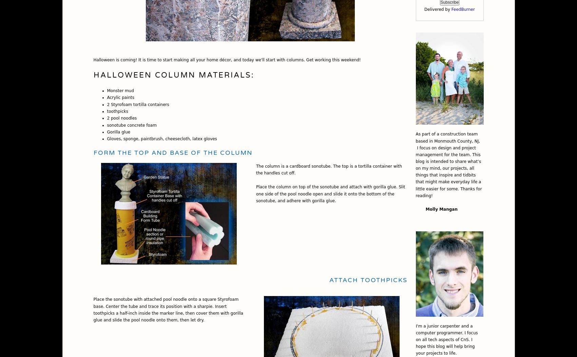 This screenshot has height=357, width=577. Describe the element at coordinates (174, 75) in the screenshot. I see `'Halloween Column Materials:'` at that location.